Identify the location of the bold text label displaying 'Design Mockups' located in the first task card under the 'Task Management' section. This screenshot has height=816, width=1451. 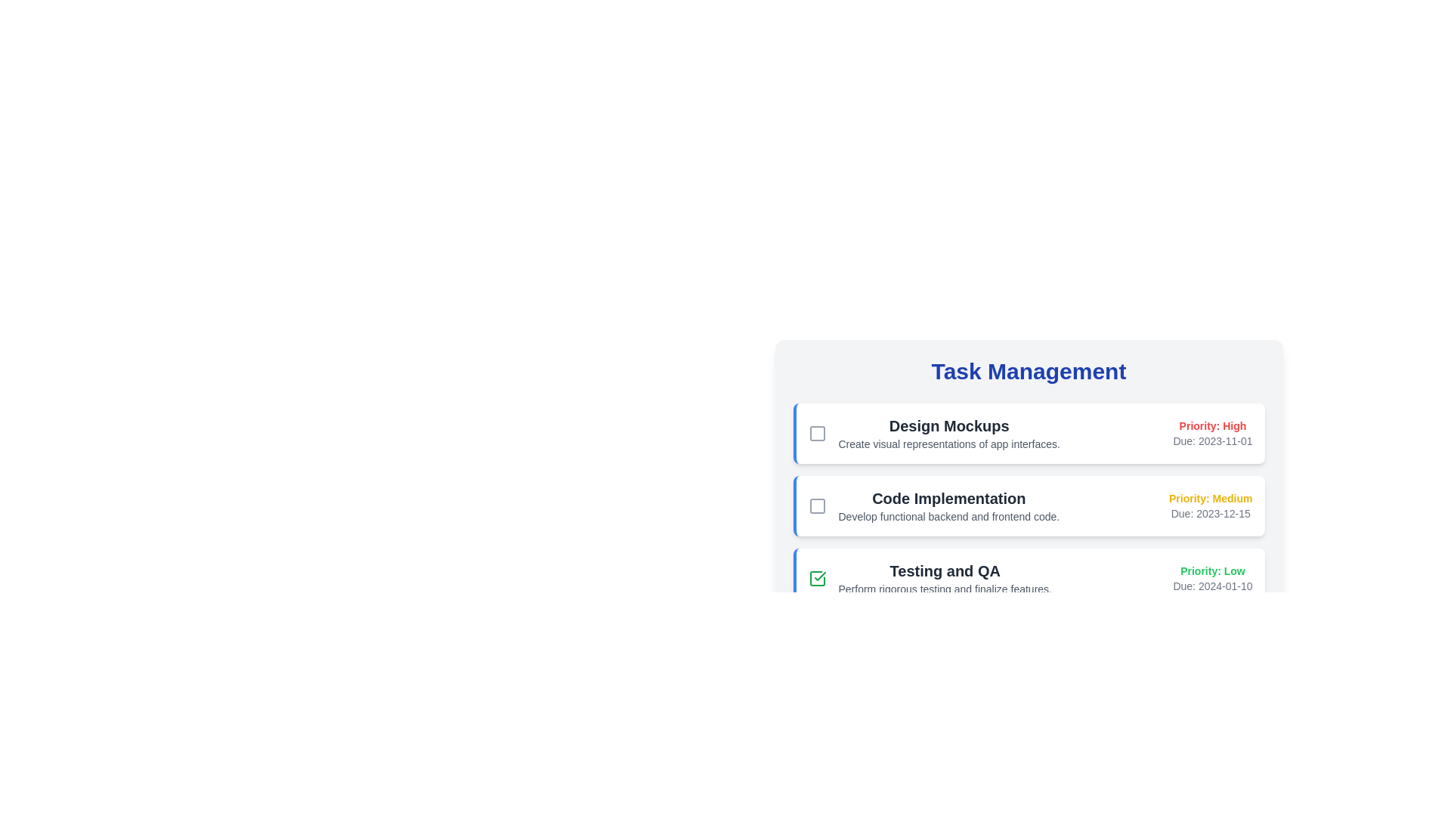
(948, 425).